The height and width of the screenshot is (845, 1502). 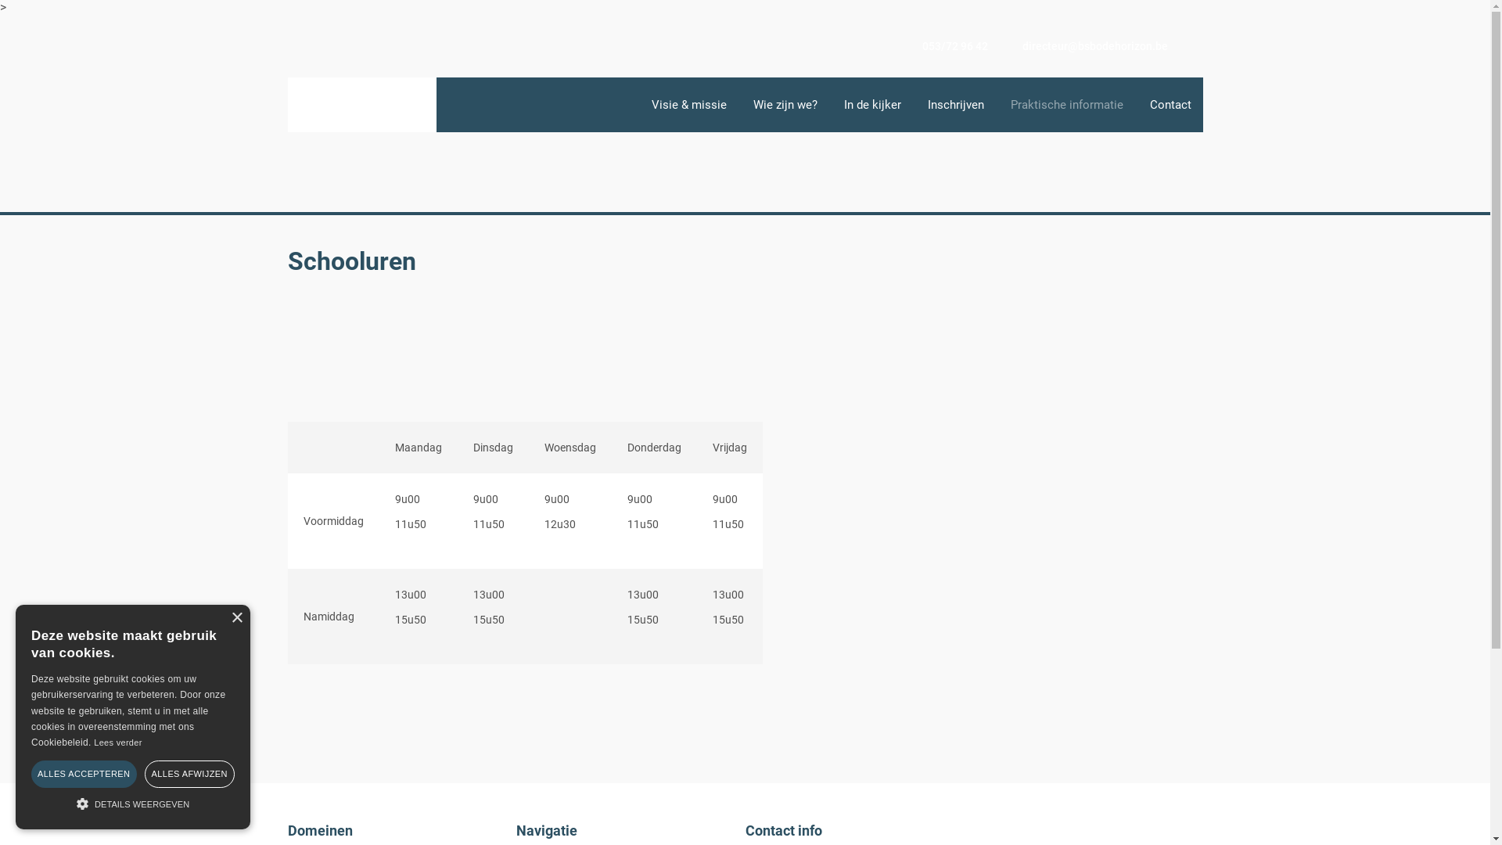 What do you see at coordinates (392, 84) in the screenshot?
I see `'Praktische informatie'` at bounding box center [392, 84].